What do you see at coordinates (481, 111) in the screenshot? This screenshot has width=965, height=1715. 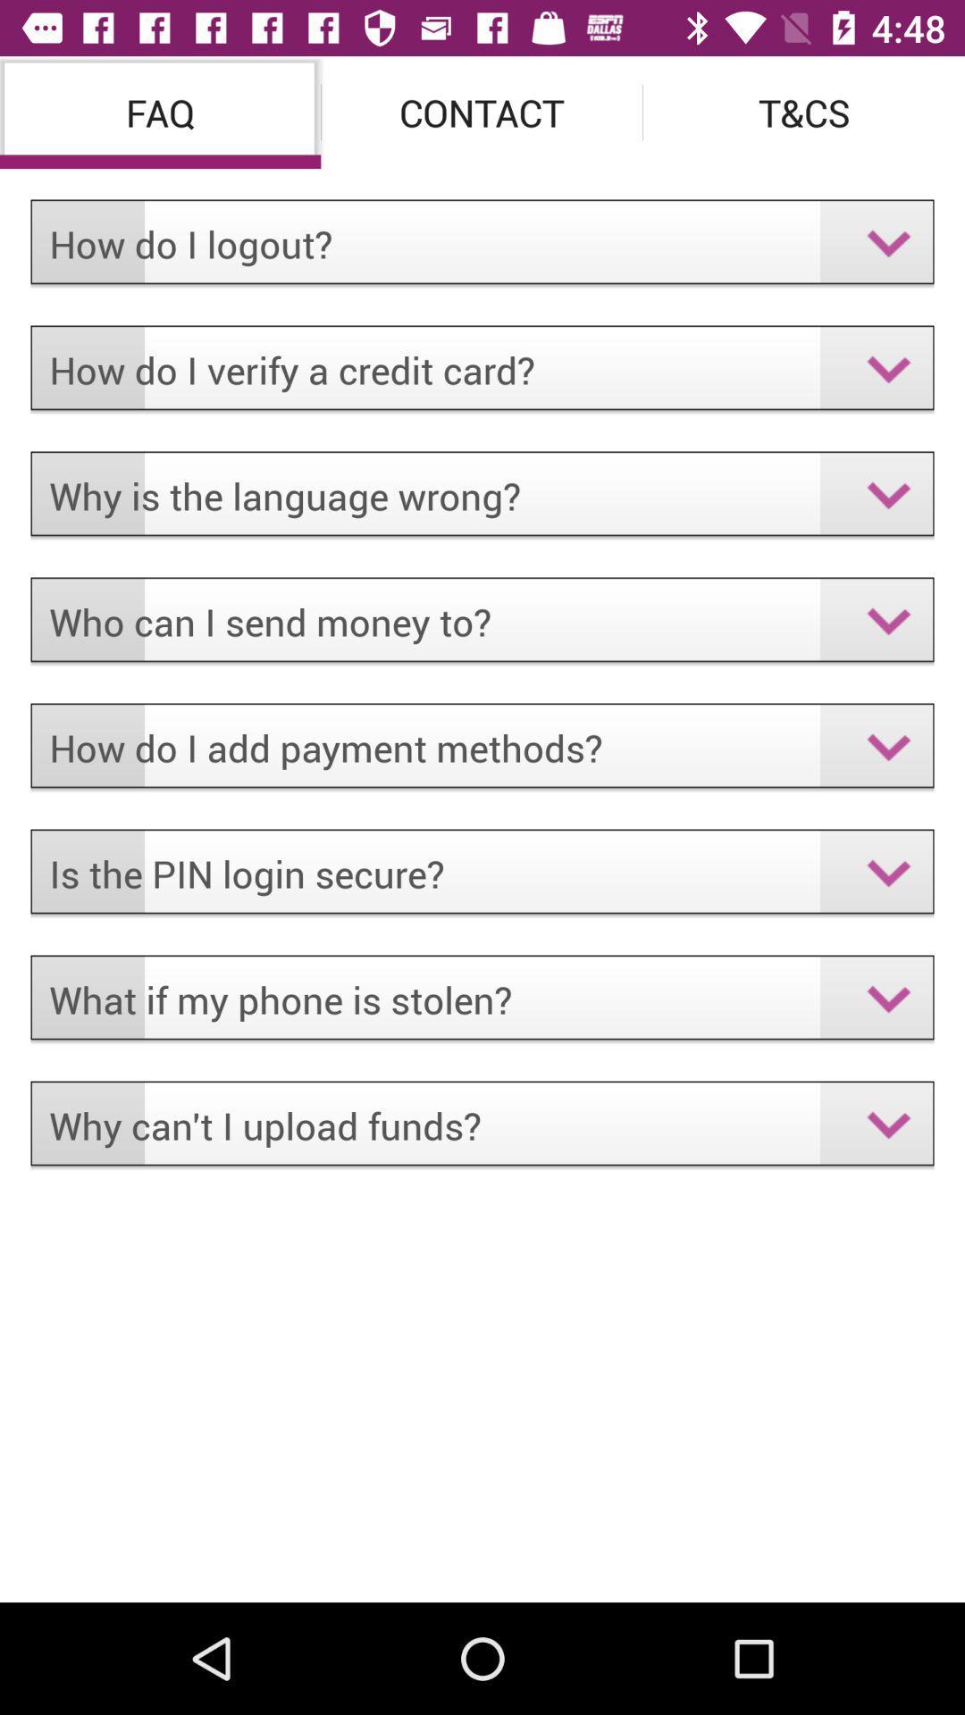 I see `the item to the right of the faq item` at bounding box center [481, 111].